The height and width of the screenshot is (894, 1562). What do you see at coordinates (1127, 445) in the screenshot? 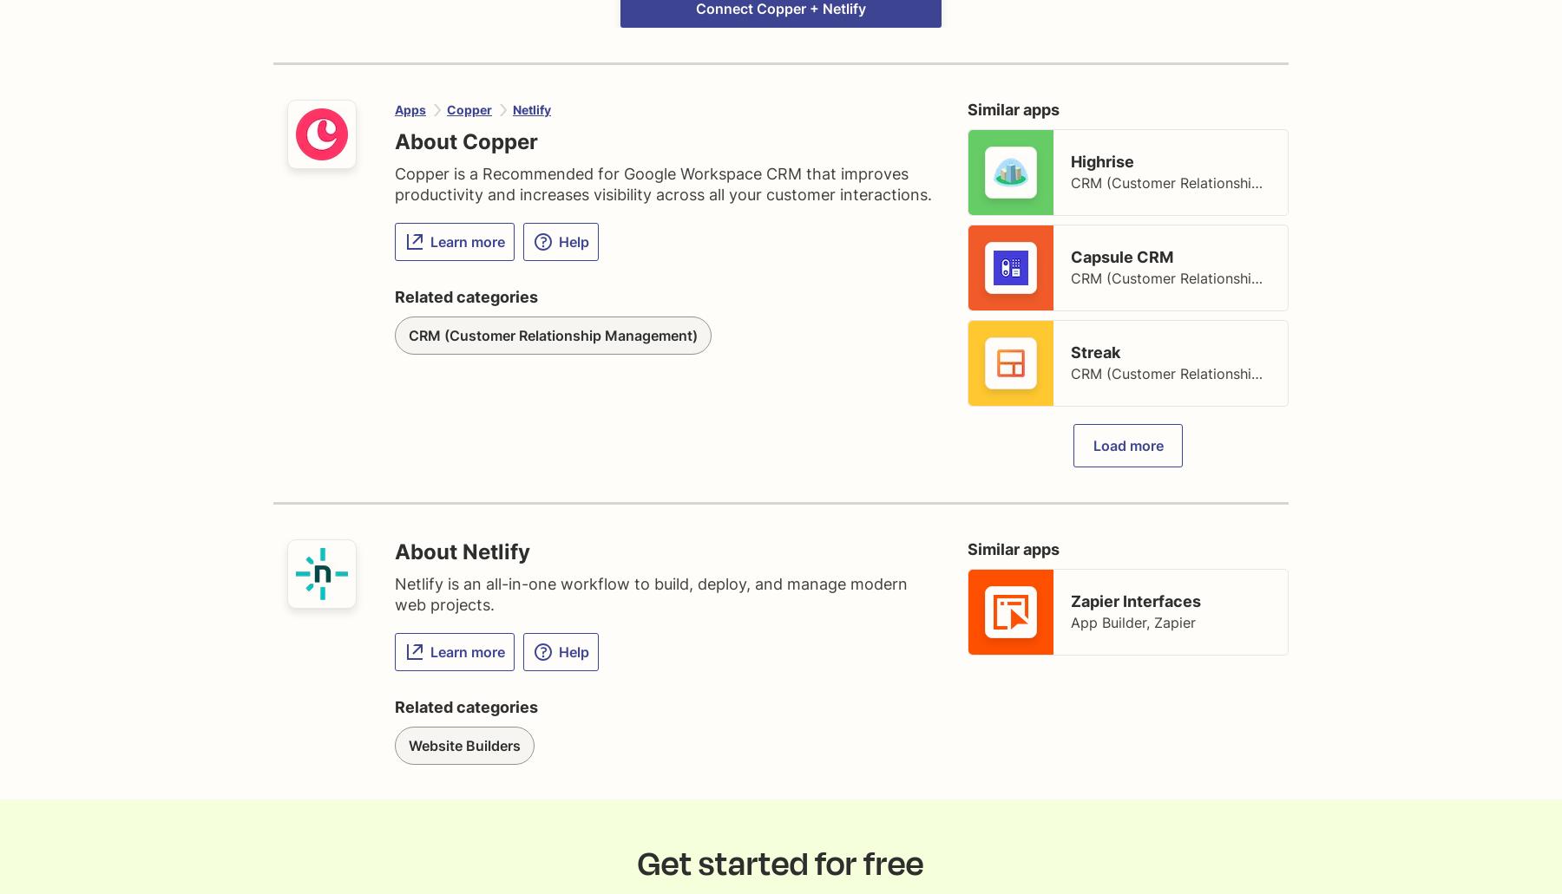
I see `'Load more'` at bounding box center [1127, 445].